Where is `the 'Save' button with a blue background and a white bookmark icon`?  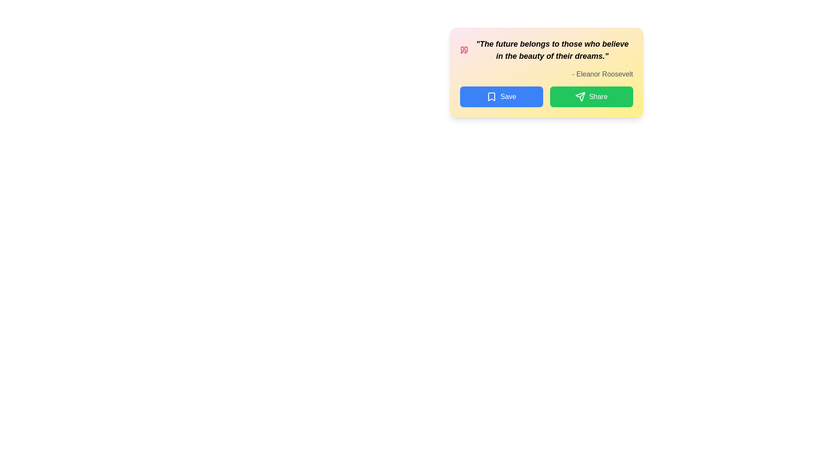 the 'Save' button with a blue background and a white bookmark icon is located at coordinates (501, 96).